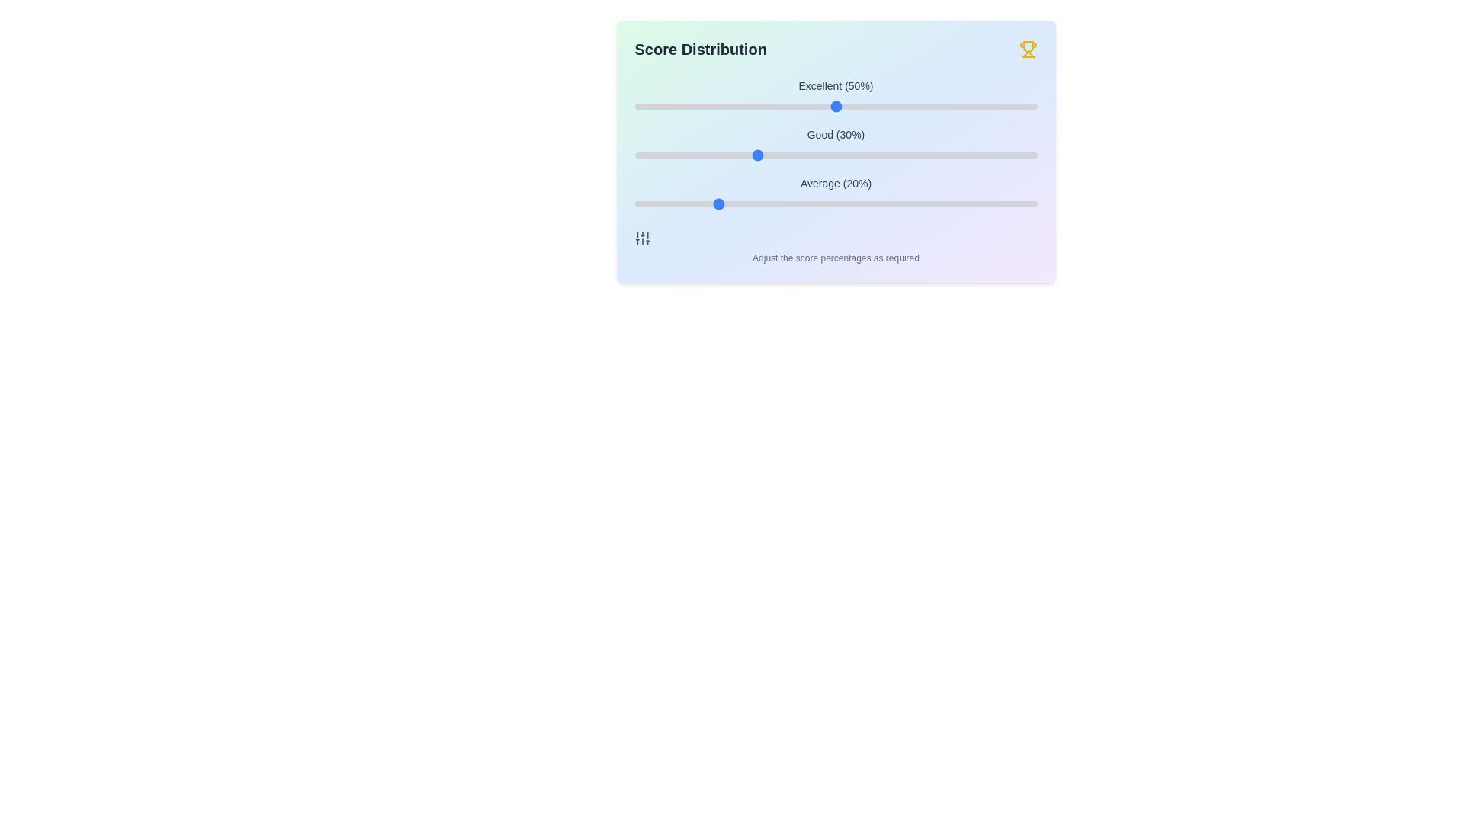 The height and width of the screenshot is (823, 1464). Describe the element at coordinates (702, 105) in the screenshot. I see `the 'Excellent' slider to 17%` at that location.